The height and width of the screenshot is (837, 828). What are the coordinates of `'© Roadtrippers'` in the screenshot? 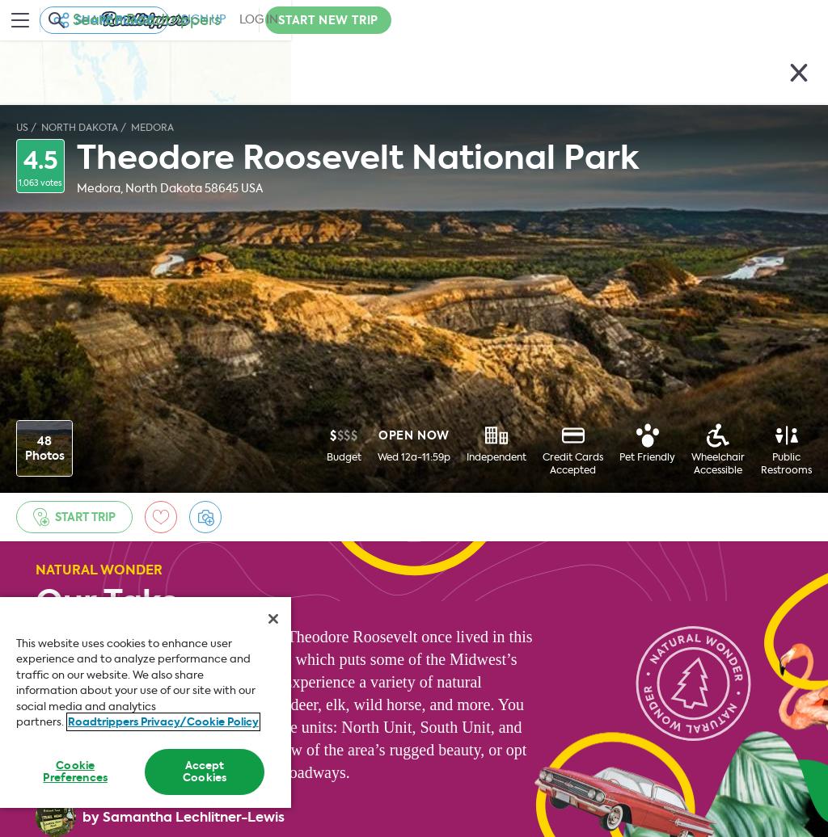 It's located at (77, 777).